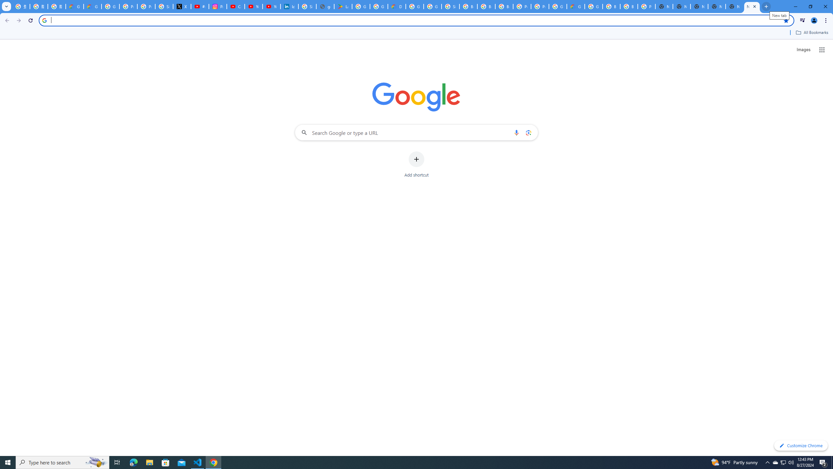 Image resolution: width=833 pixels, height=469 pixels. Describe the element at coordinates (752, 6) in the screenshot. I see `'New Tab'` at that location.